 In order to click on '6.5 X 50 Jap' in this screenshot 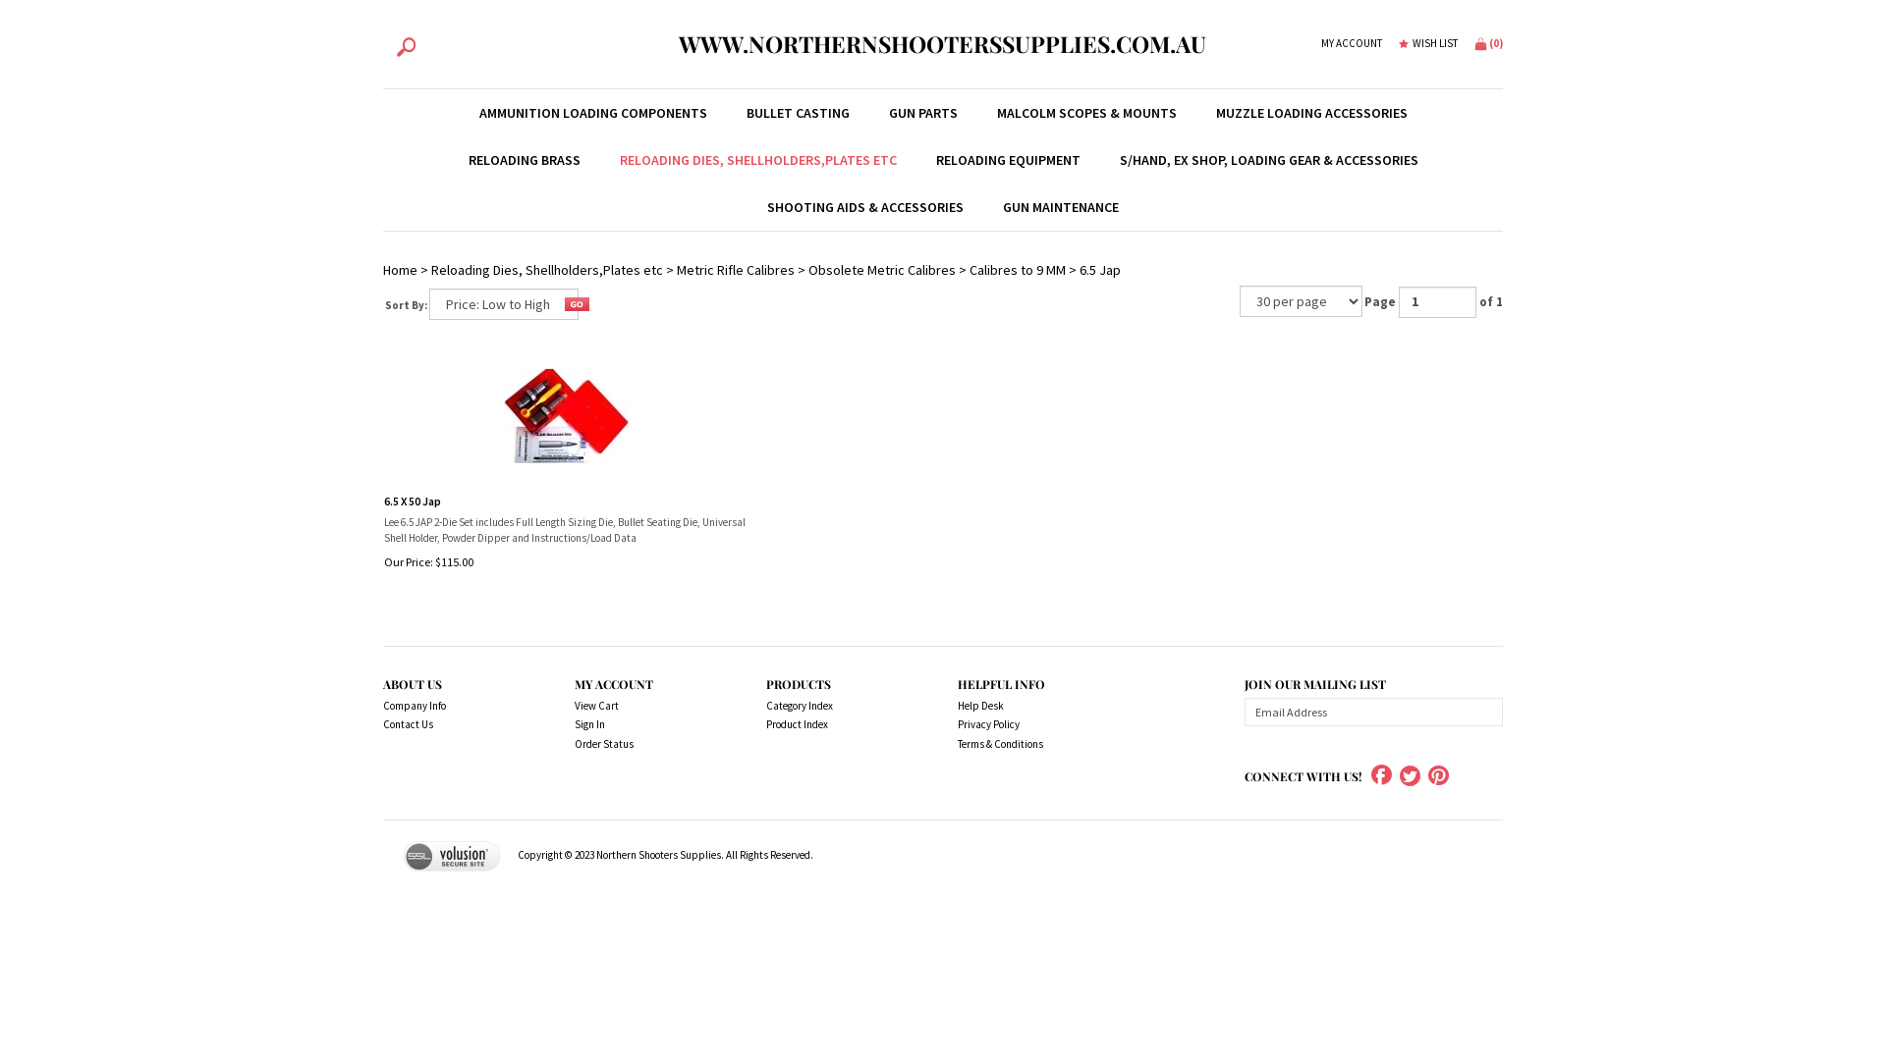, I will do `click(565, 500)`.